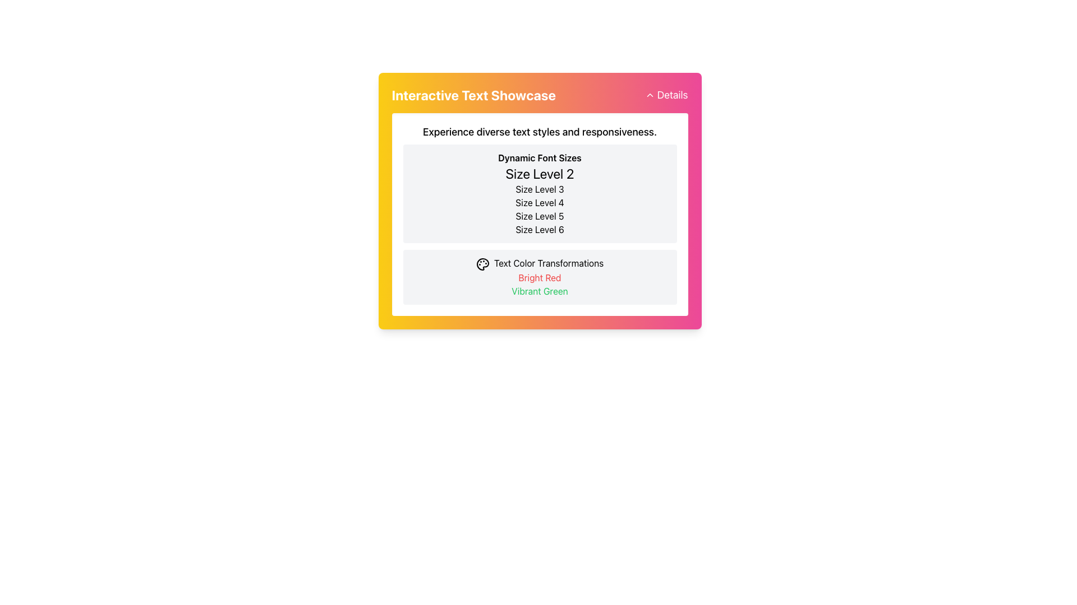  I want to click on the decorative icon that enhances the visual appeal of the 'Text Color Transformations' section, positioned before the corresponding text, so click(482, 264).